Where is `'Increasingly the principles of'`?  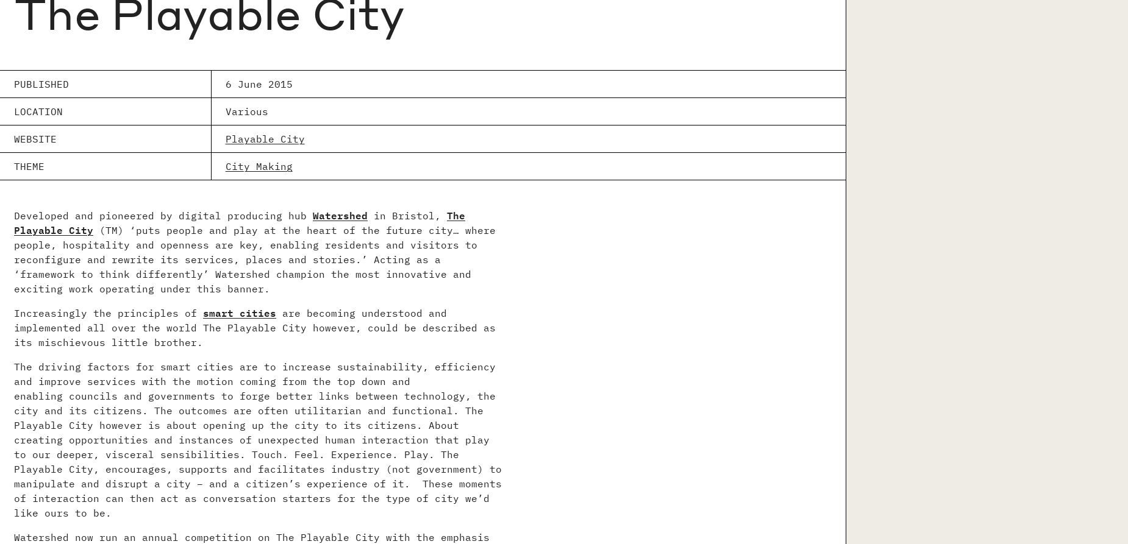 'Increasingly the principles of' is located at coordinates (107, 313).